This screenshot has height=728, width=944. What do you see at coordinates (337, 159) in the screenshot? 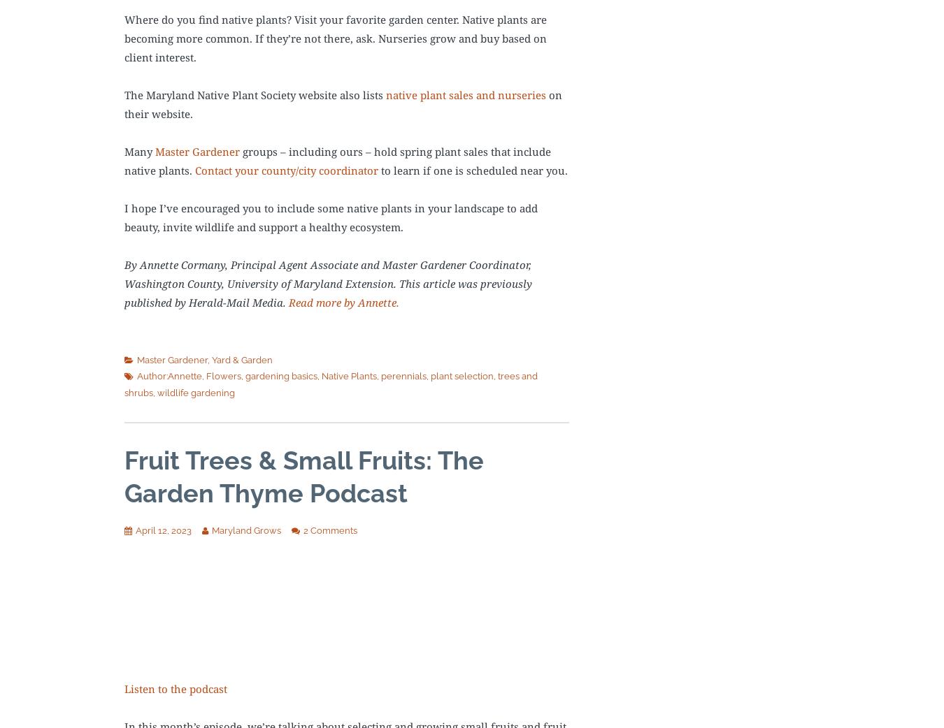
I see `'groups – including ours – hold spring plant sales that include native plants.'` at bounding box center [337, 159].